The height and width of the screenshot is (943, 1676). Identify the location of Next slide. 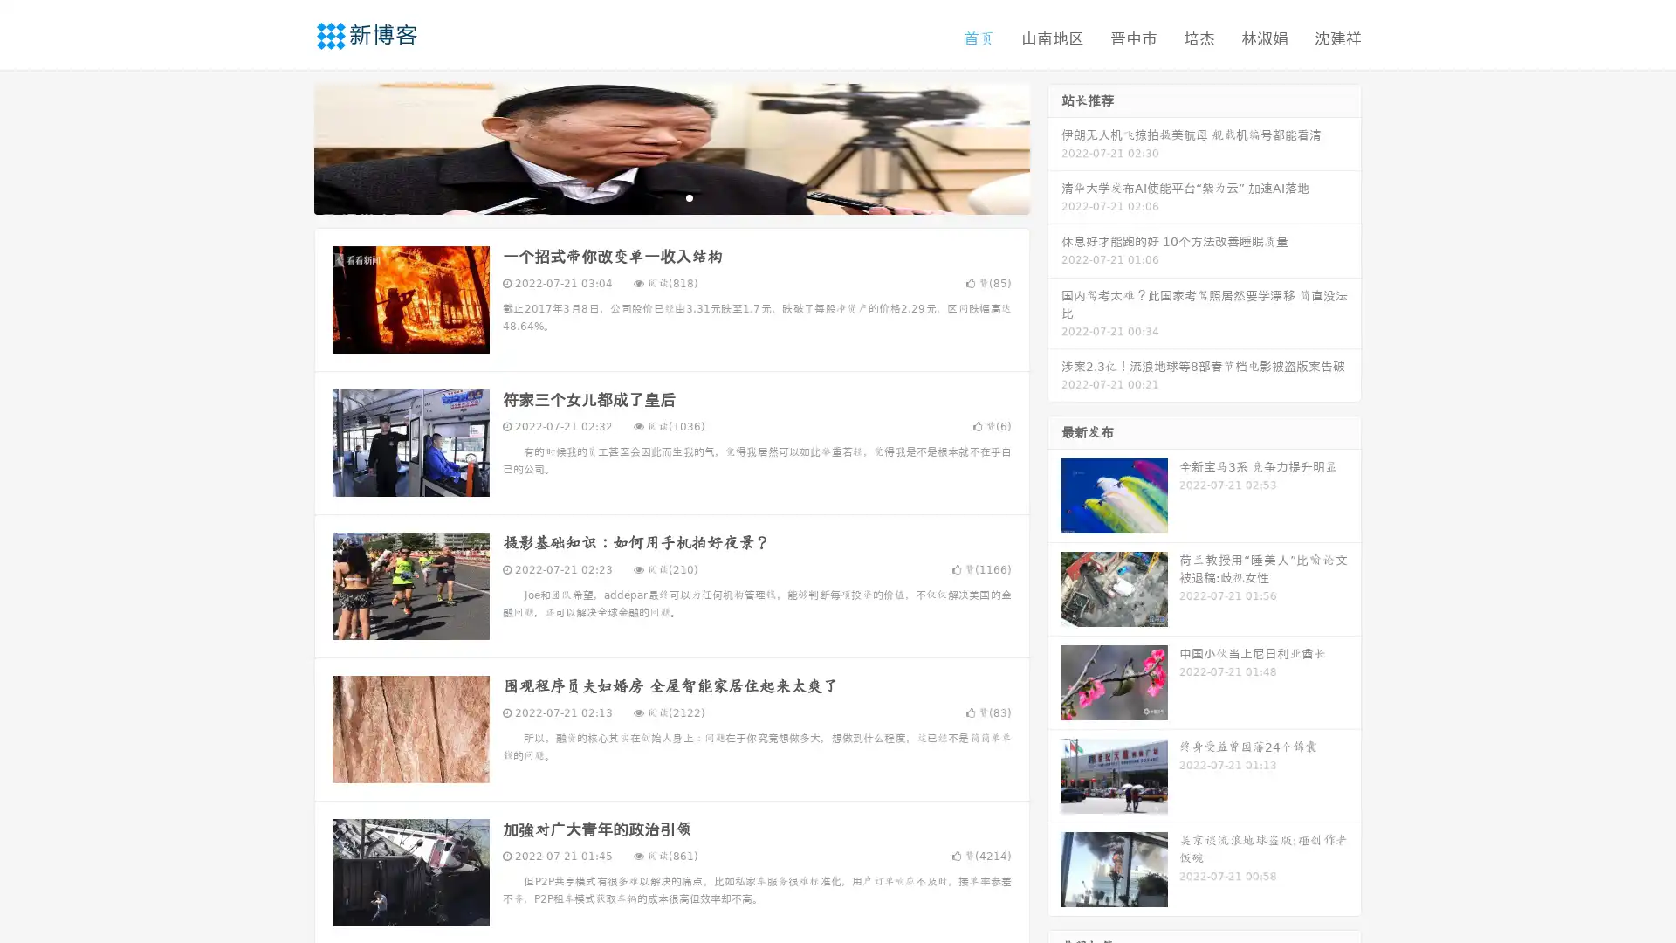
(1054, 147).